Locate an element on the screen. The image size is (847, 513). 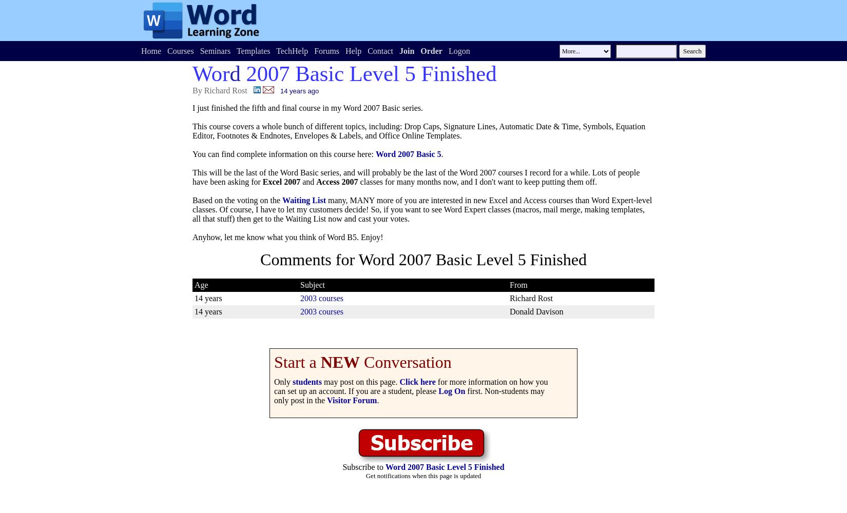
'2007 Basic Level 5 Finished' is located at coordinates (368, 73).